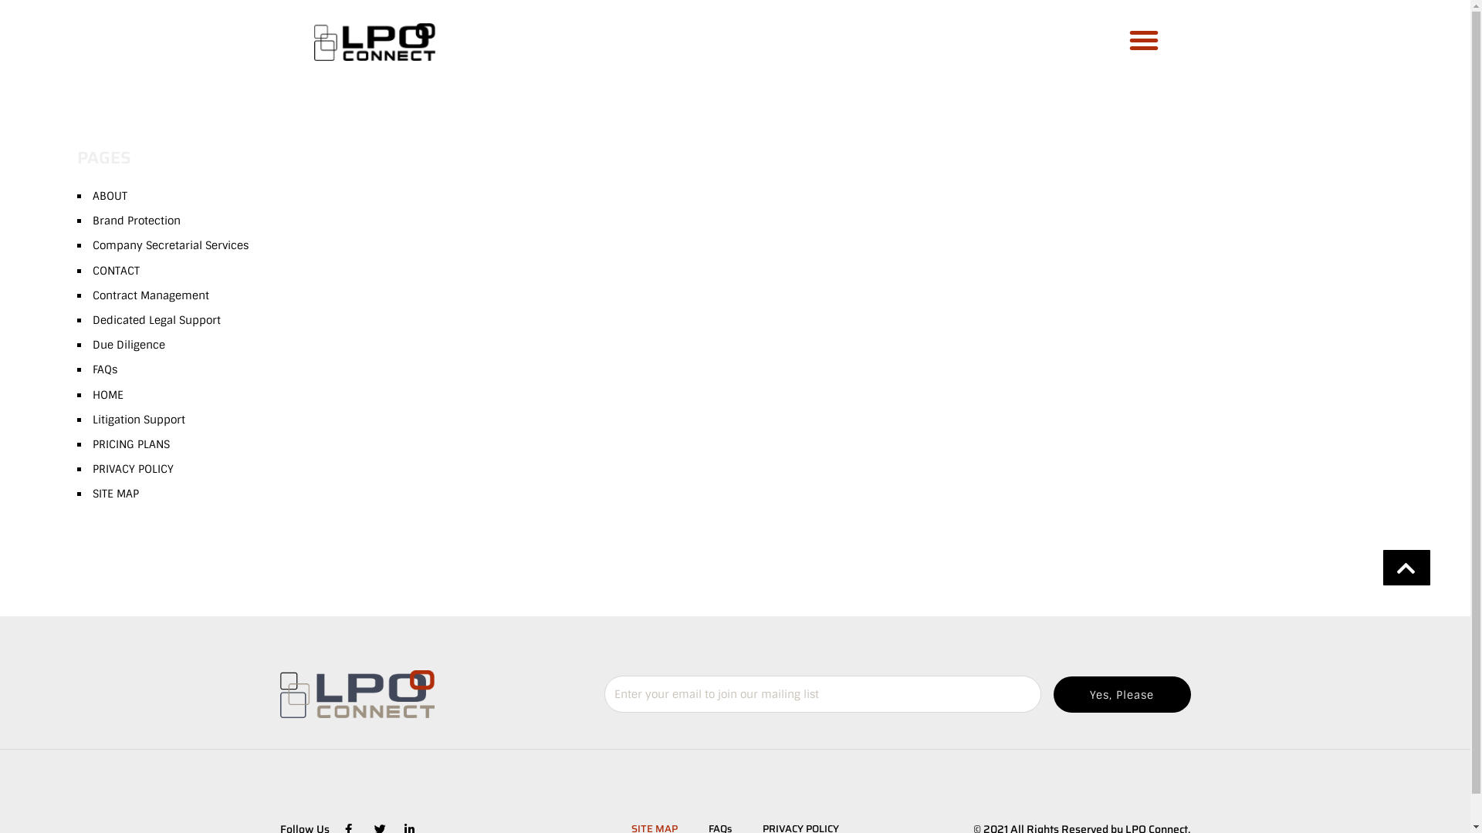 The width and height of the screenshot is (1482, 833). Describe the element at coordinates (133, 468) in the screenshot. I see `'PRIVACY POLICY'` at that location.